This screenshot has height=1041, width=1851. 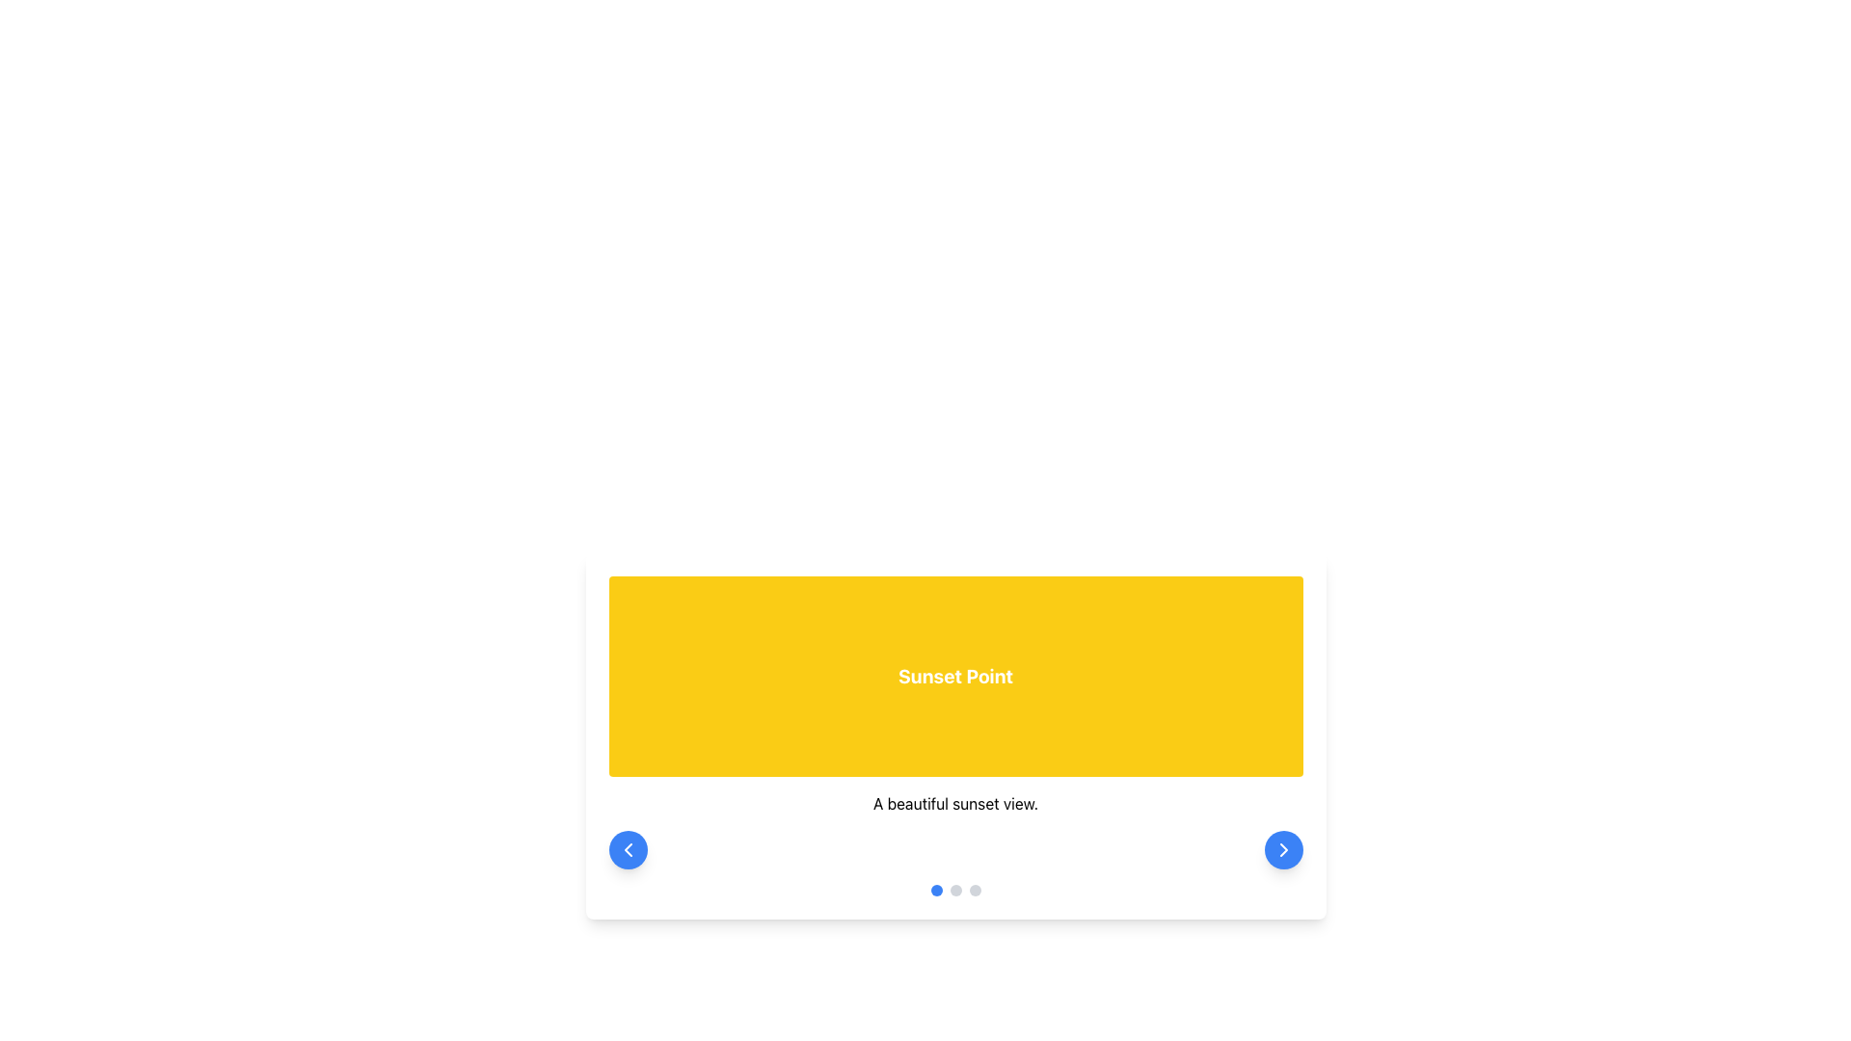 What do you see at coordinates (955, 891) in the screenshot?
I see `the second Navigation Dot button` at bounding box center [955, 891].